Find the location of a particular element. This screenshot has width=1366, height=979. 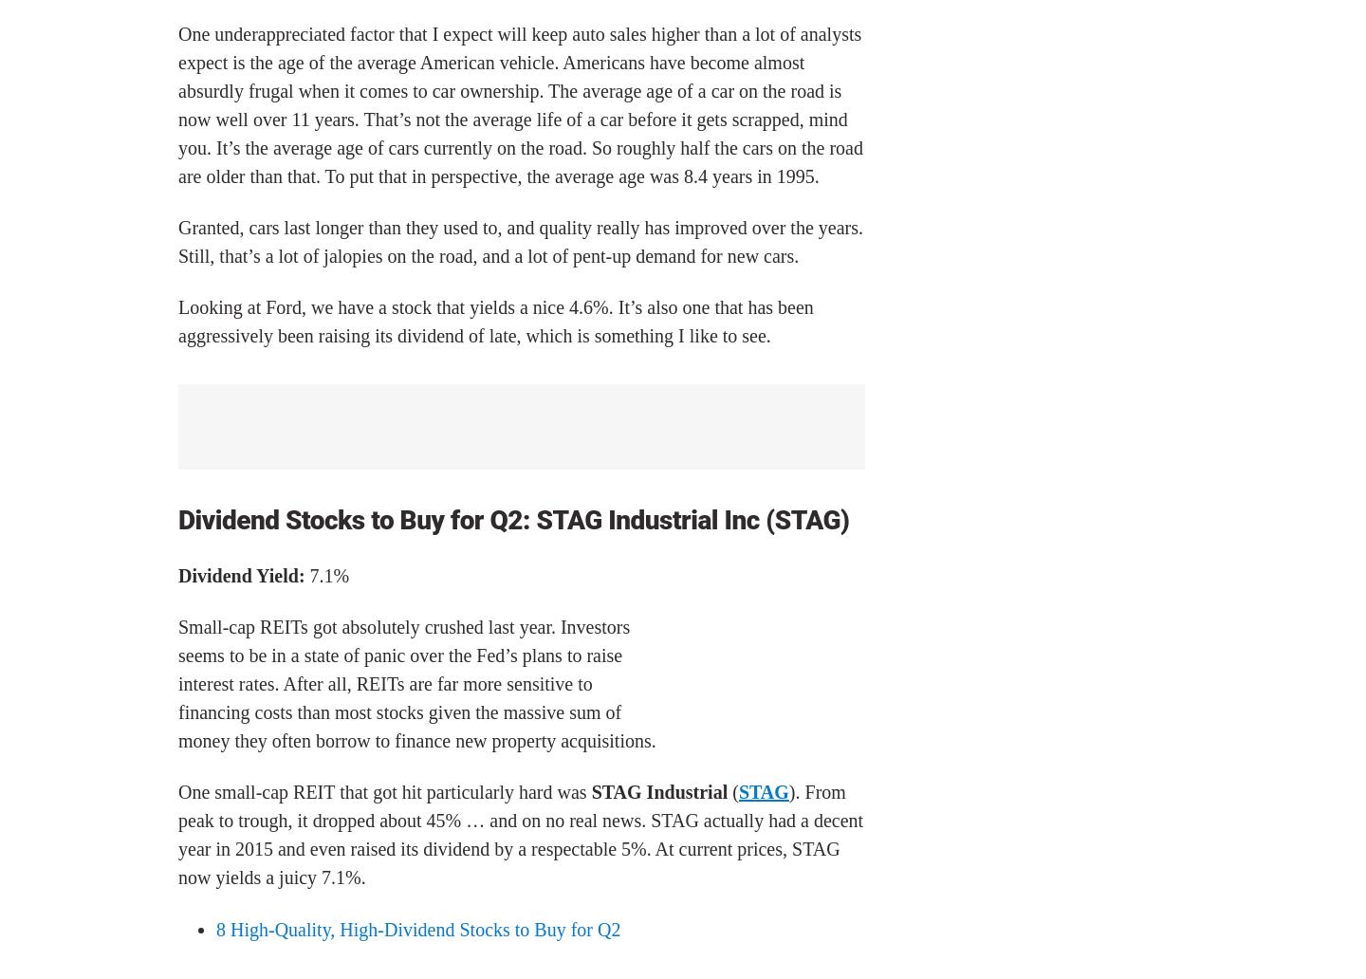

'Dividend Stocks to Buy for Q2: STAG' is located at coordinates (392, 520).